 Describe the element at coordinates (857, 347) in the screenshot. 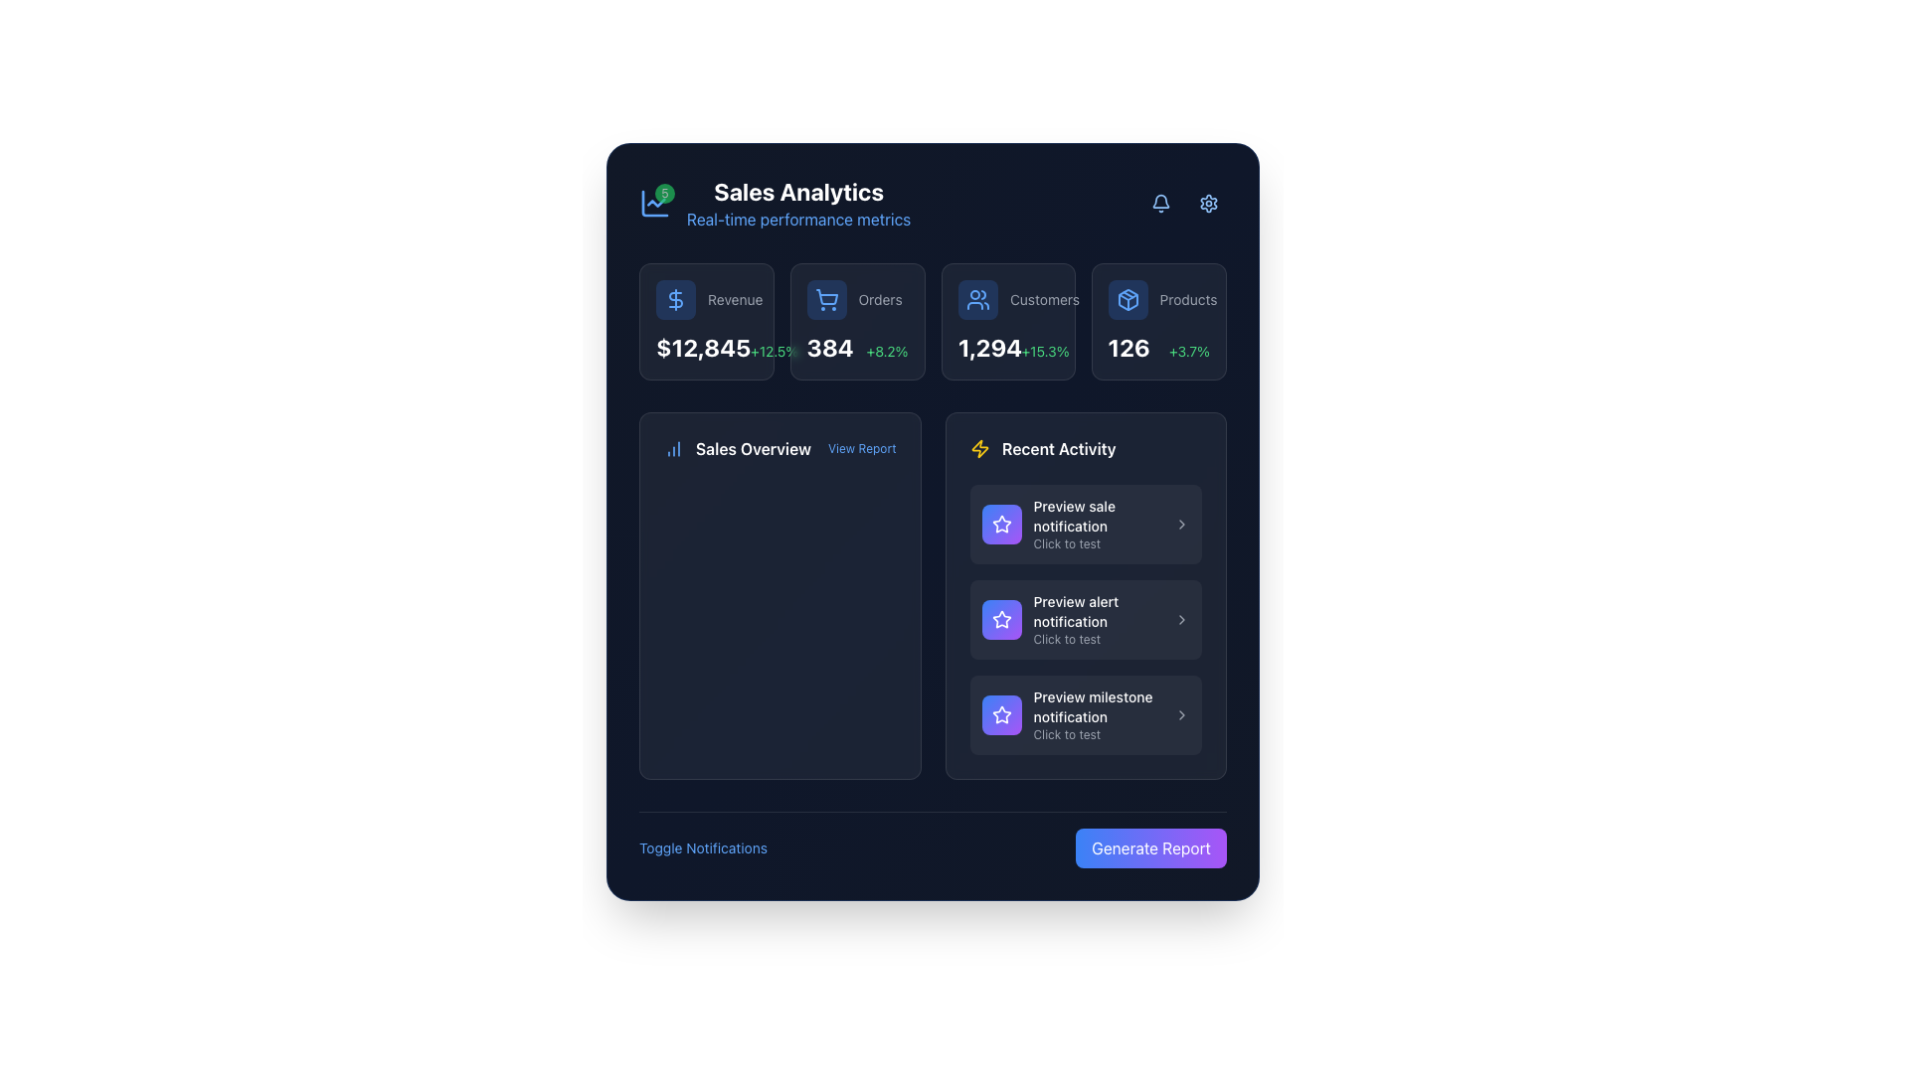

I see `the Informational display showing the number '384' and the percentage '+8.2%' within the 'Orders' card, which is positioned centrally beneath the label 'Orders'` at that location.